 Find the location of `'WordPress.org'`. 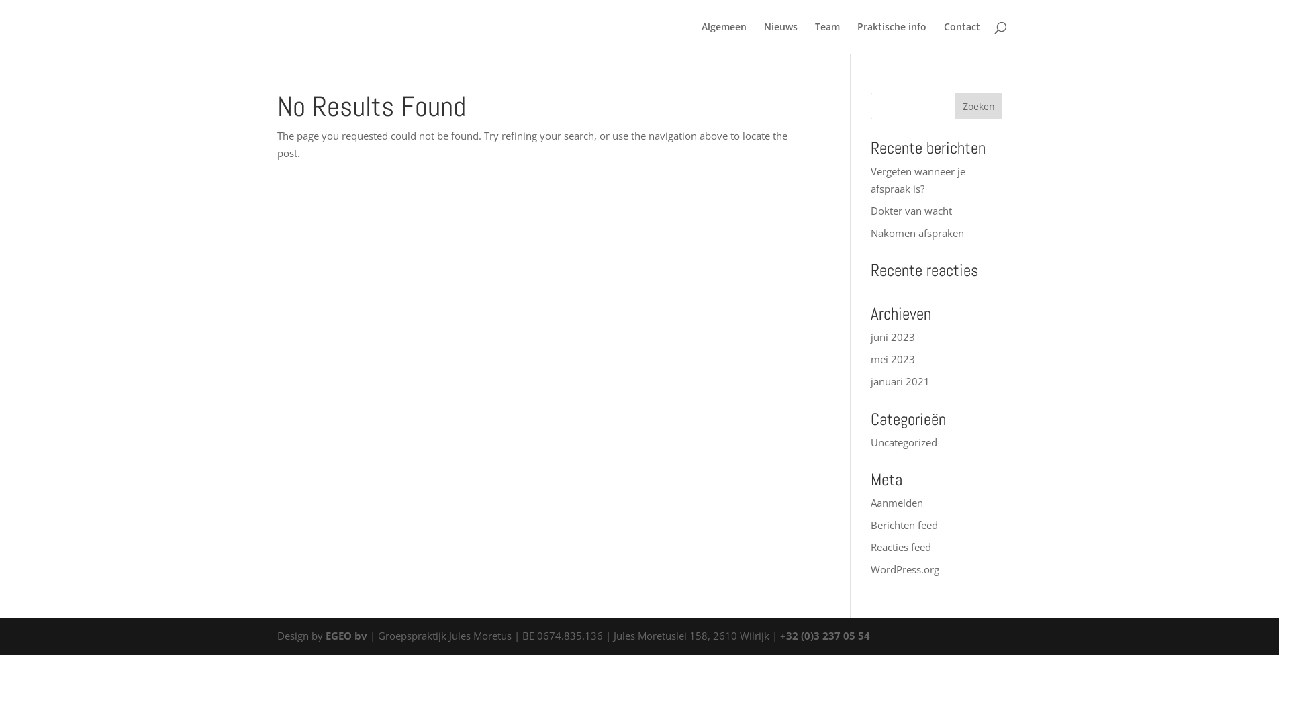

'WordPress.org' is located at coordinates (905, 569).